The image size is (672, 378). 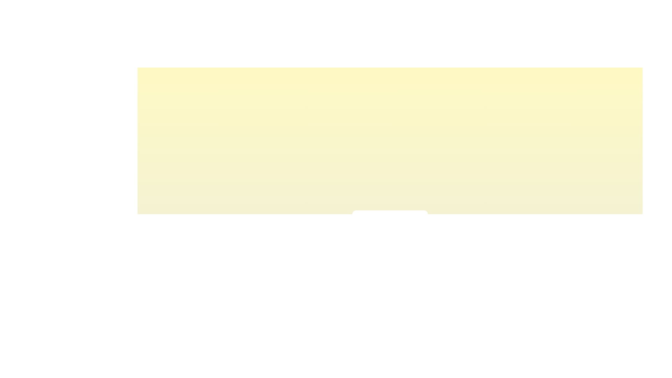 What do you see at coordinates (415, 237) in the screenshot?
I see `the light intensity to 93% by dragging the slider` at bounding box center [415, 237].